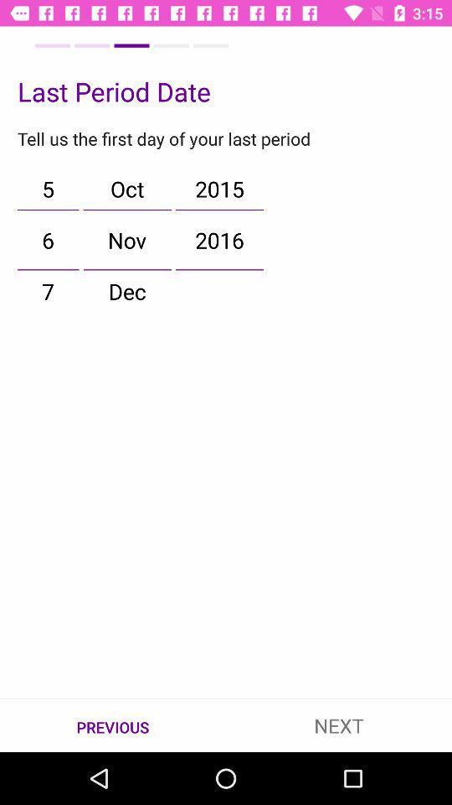 The height and width of the screenshot is (805, 452). I want to click on icon next to next item, so click(113, 725).